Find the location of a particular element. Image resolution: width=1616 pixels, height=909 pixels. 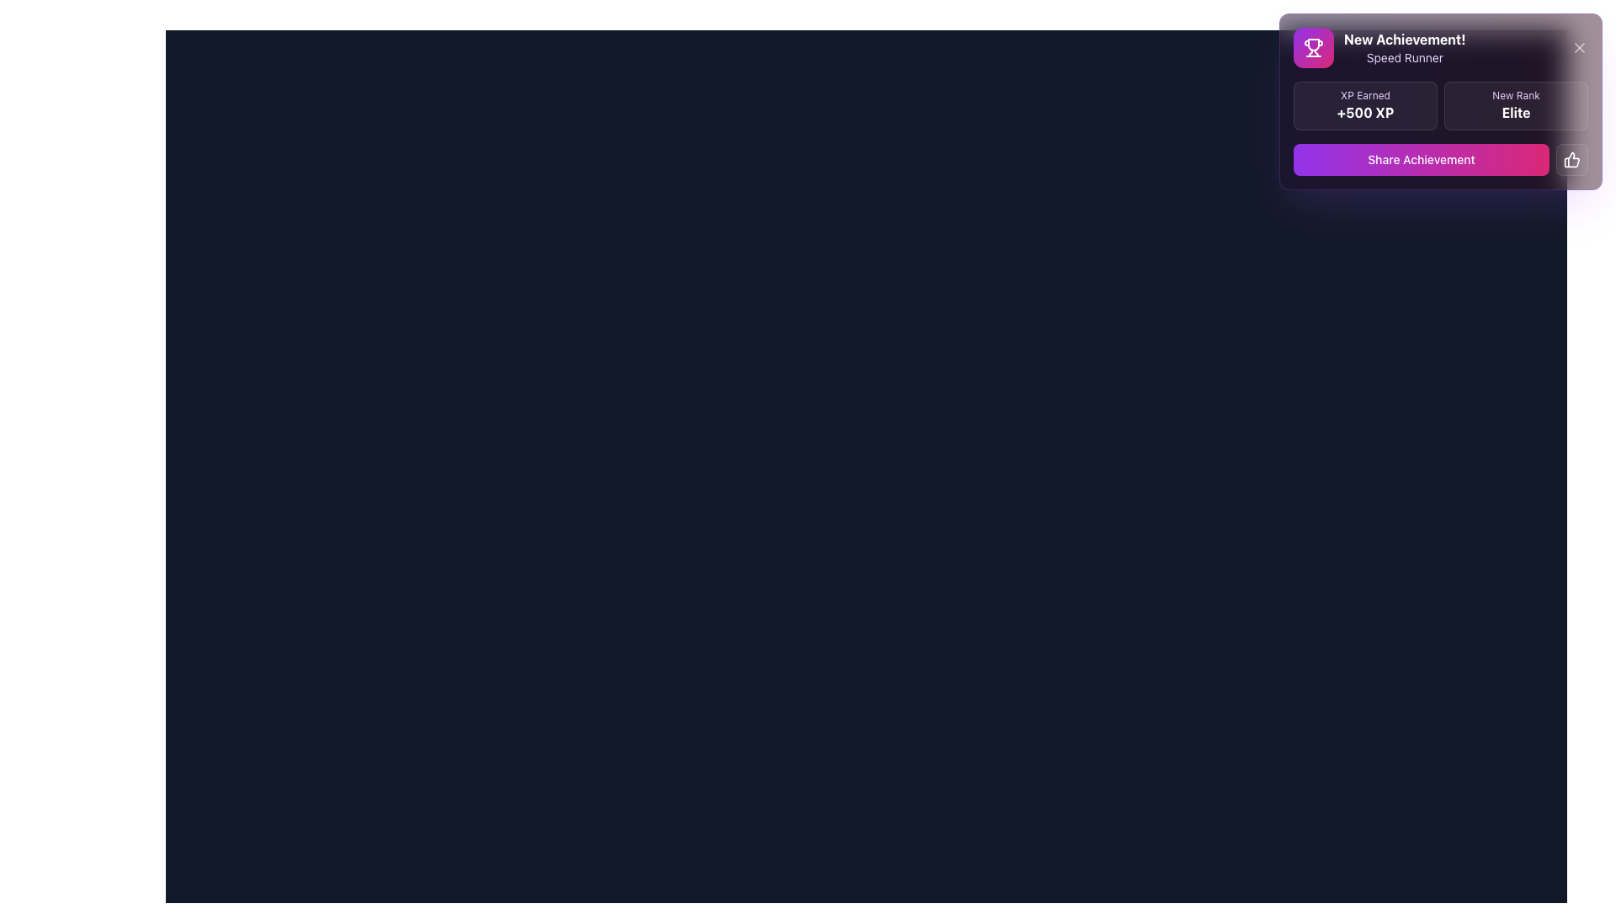

the share achievement button located in the top-right corner of the notification box, which is the second item in a row after a thumbs-up button is located at coordinates (1440, 159).